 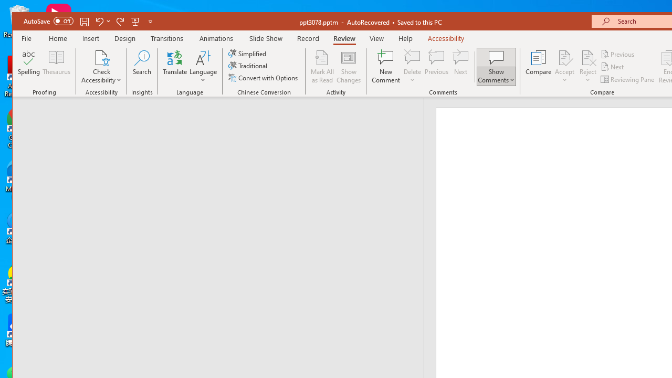 What do you see at coordinates (628, 79) in the screenshot?
I see `'Reviewing Pane'` at bounding box center [628, 79].